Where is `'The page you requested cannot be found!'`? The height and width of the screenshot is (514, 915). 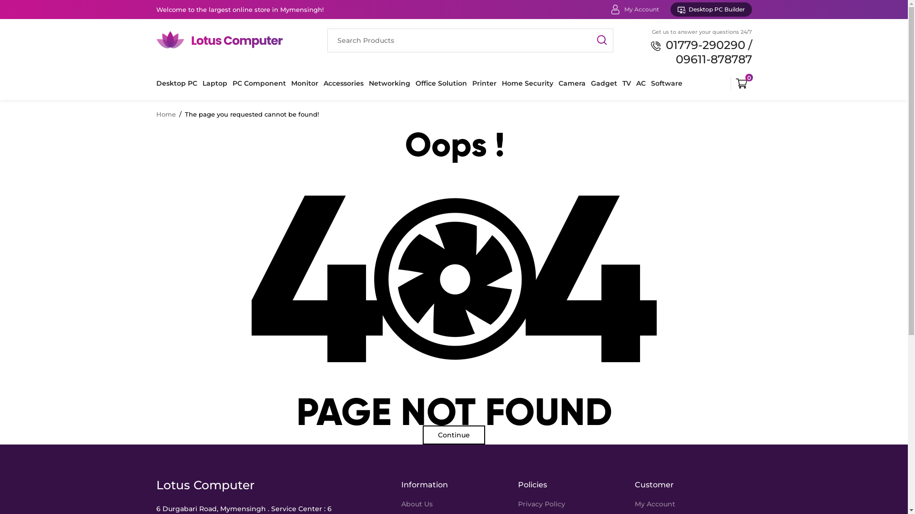 'The page you requested cannot be found!' is located at coordinates (252, 114).